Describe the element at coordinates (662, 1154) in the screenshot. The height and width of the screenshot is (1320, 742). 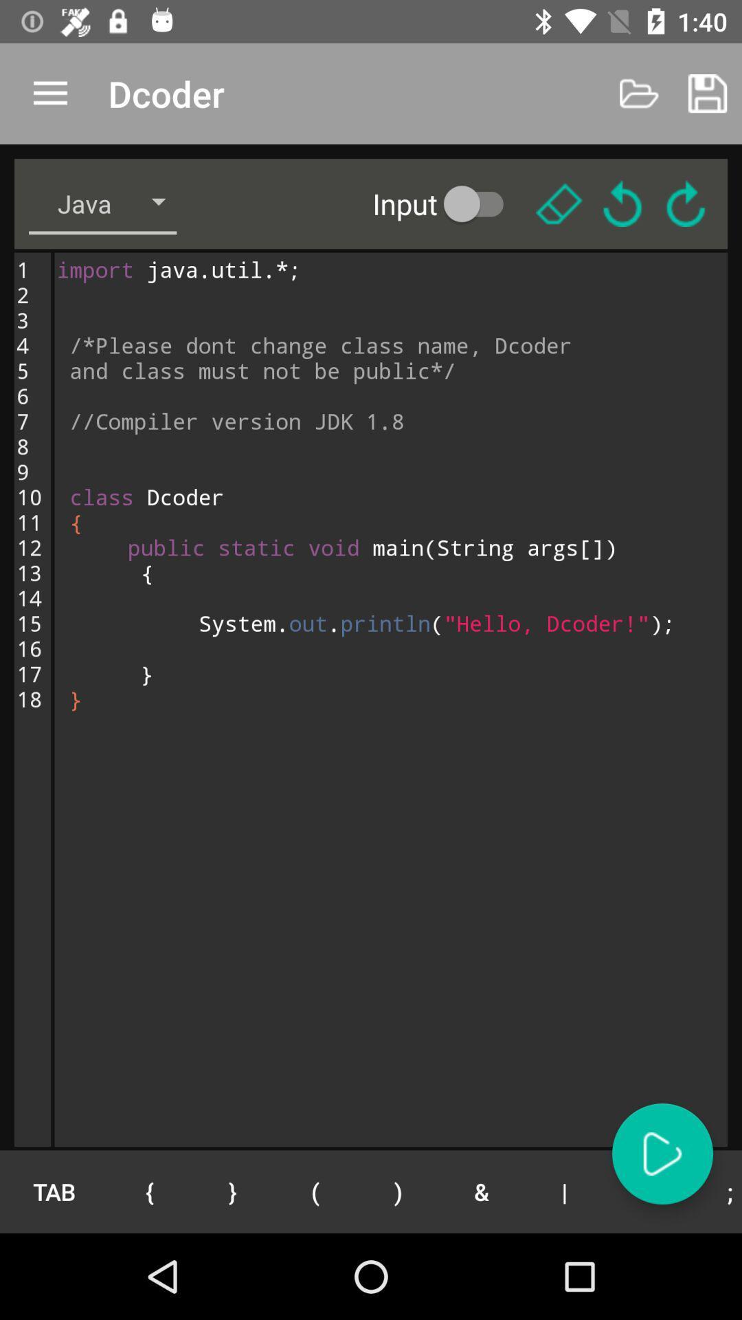
I see `compile and run code` at that location.